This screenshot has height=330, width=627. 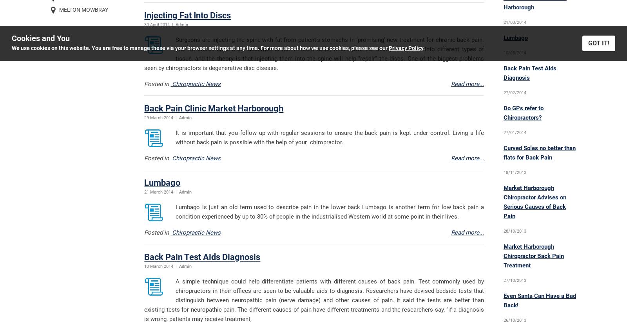 What do you see at coordinates (514, 53) in the screenshot?
I see `'10/03/2014'` at bounding box center [514, 53].